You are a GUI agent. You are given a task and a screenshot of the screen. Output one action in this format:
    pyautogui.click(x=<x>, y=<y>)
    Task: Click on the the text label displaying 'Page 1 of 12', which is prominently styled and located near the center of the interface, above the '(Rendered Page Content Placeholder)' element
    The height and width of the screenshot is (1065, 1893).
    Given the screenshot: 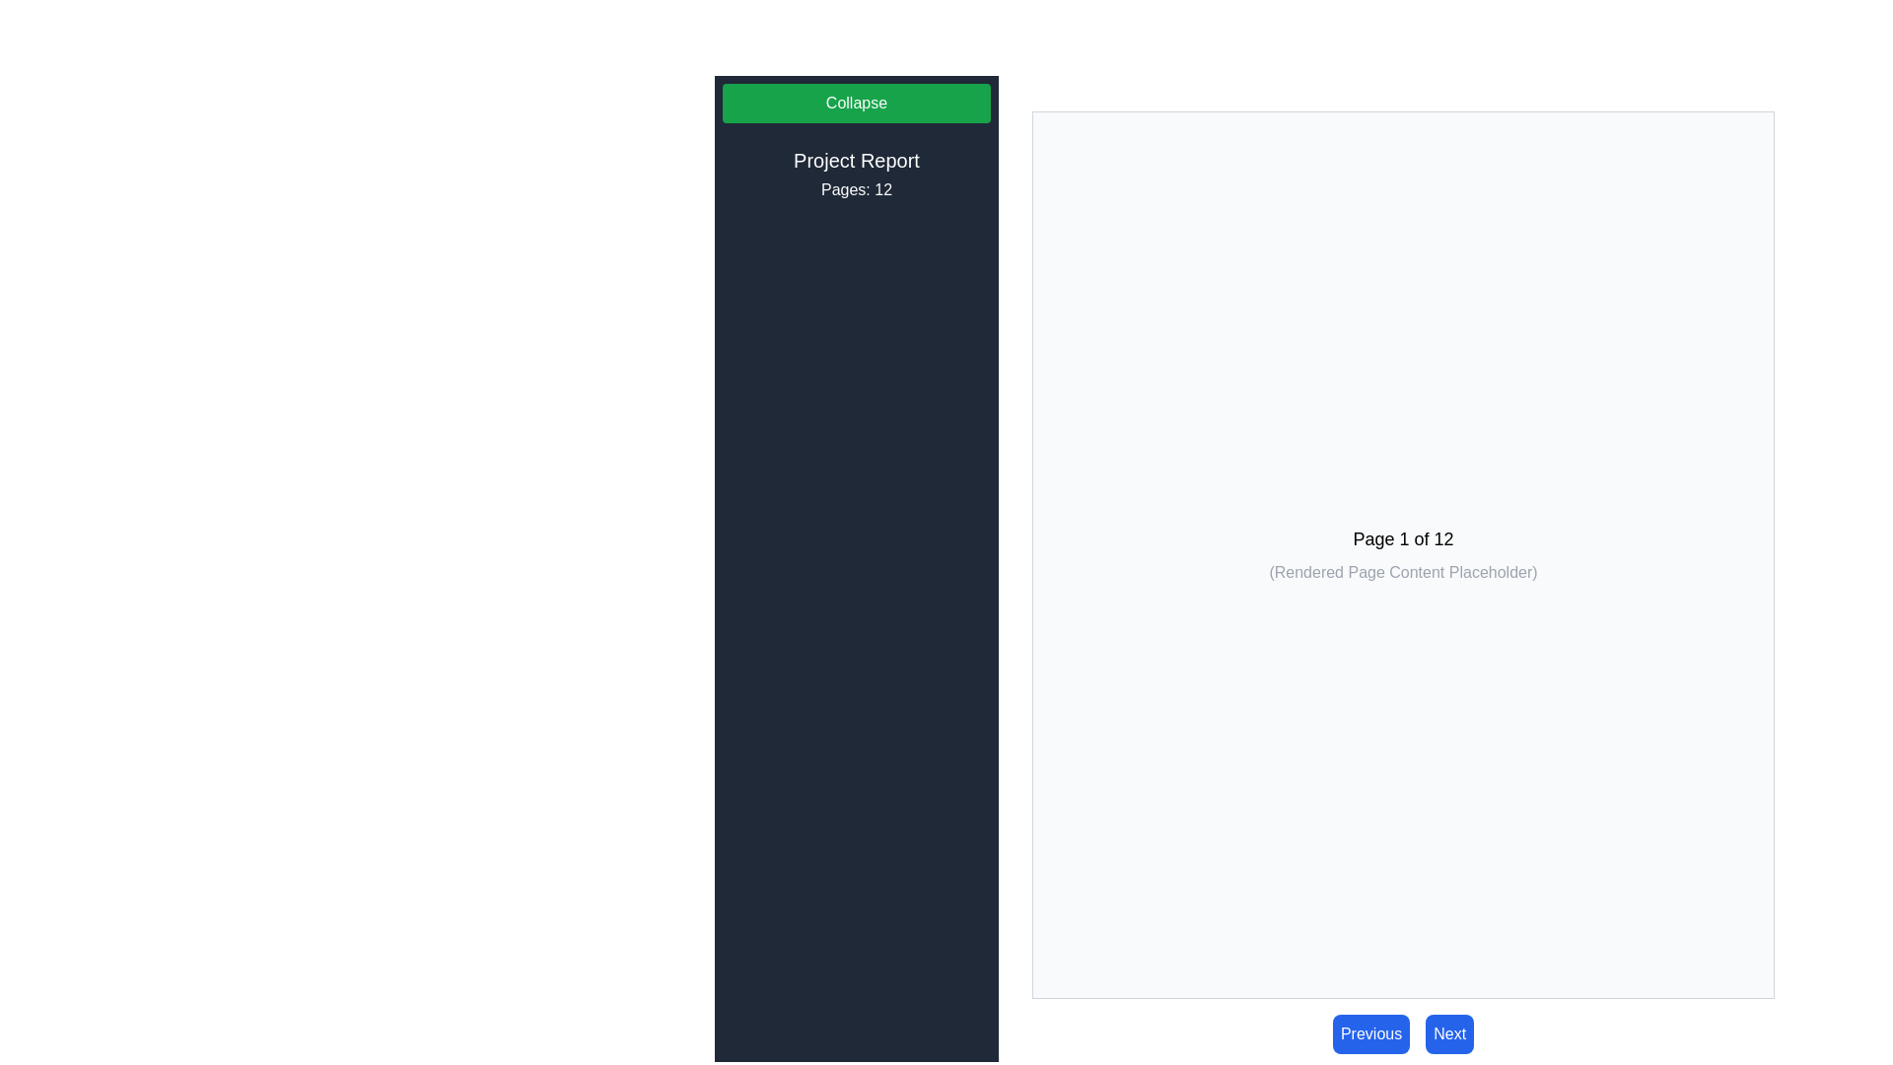 What is the action you would take?
    pyautogui.click(x=1402, y=539)
    